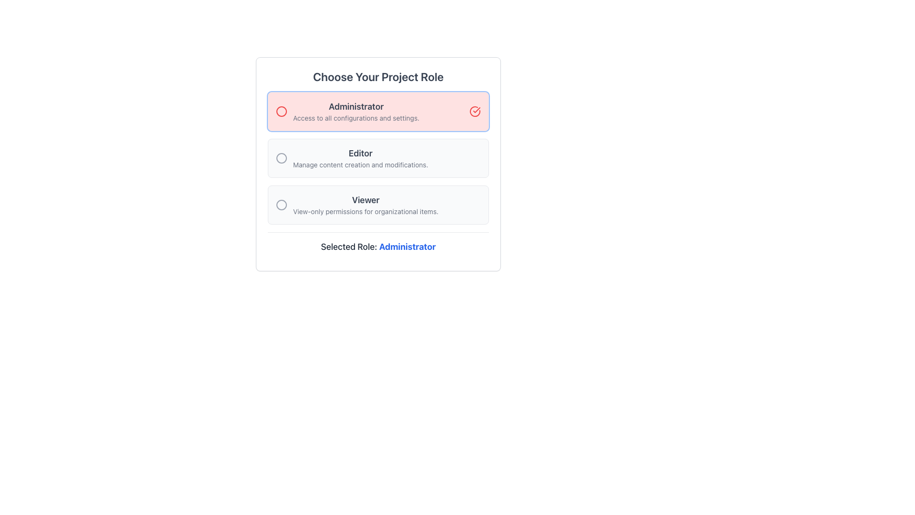 This screenshot has height=515, width=915. Describe the element at coordinates (351, 157) in the screenshot. I see `the 'Editor' role radio button` at that location.